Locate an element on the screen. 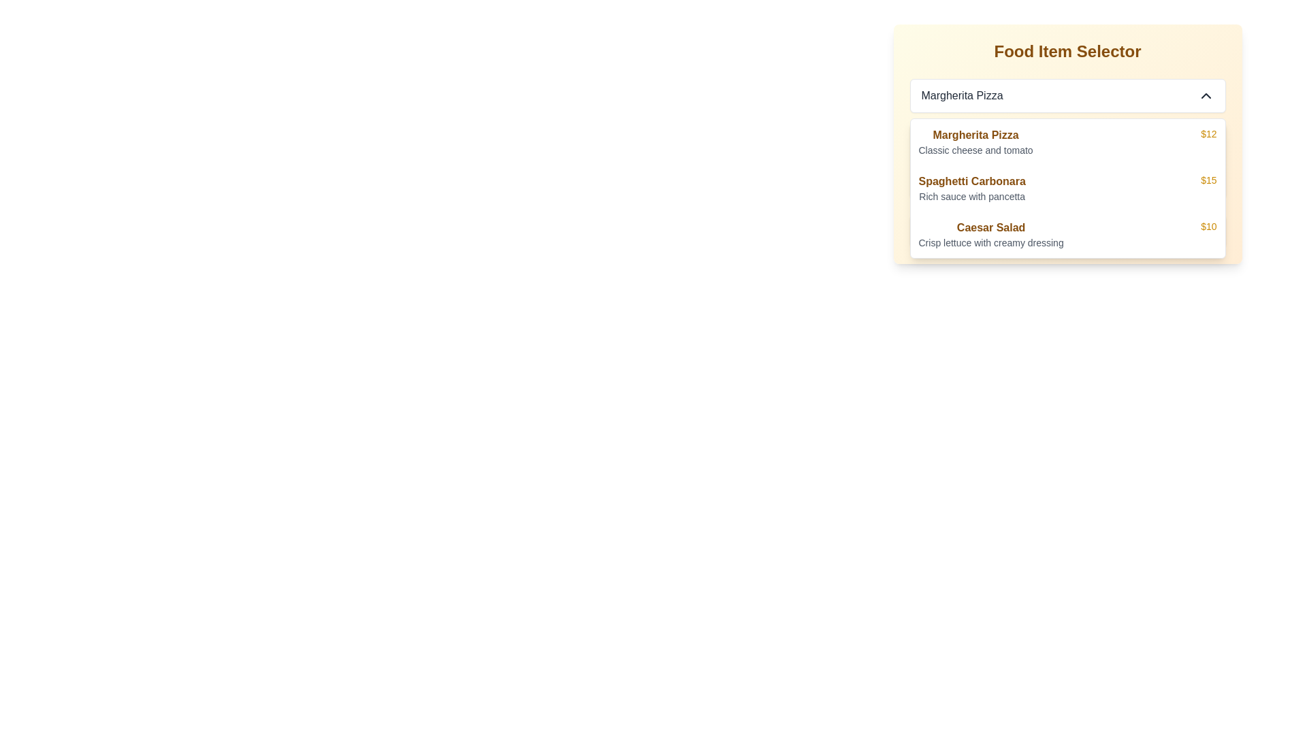  the 'Margherita Pizza' menu item is located at coordinates (1067, 142).